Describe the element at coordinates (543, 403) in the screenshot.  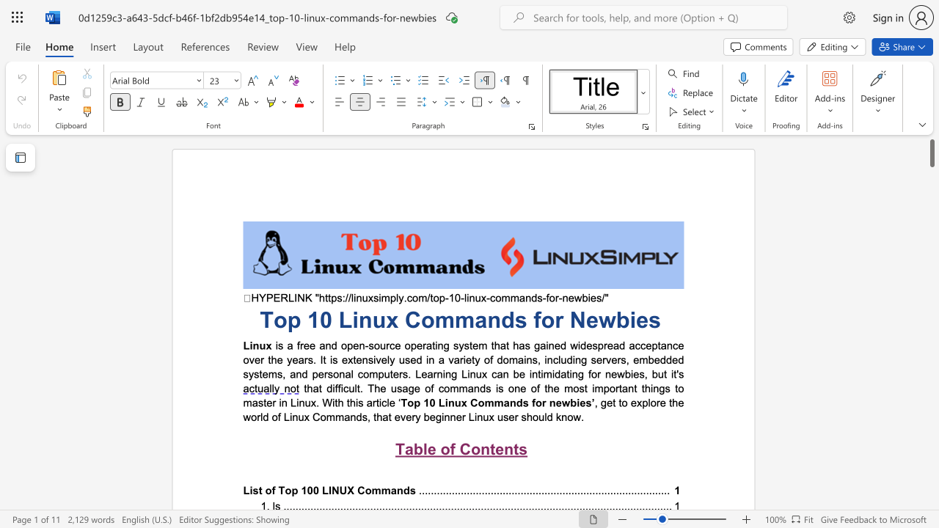
I see `the 1th character "r" in the text` at that location.